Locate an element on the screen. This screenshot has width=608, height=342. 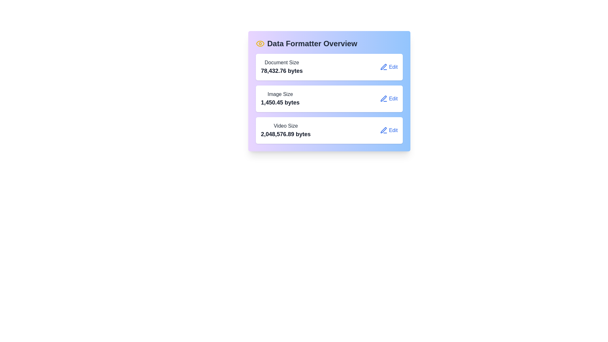
the static text label that describes the video size '2,048,576.89 bytes' in the data formatter interface, positioned above the numerical value it describes is located at coordinates (285, 126).